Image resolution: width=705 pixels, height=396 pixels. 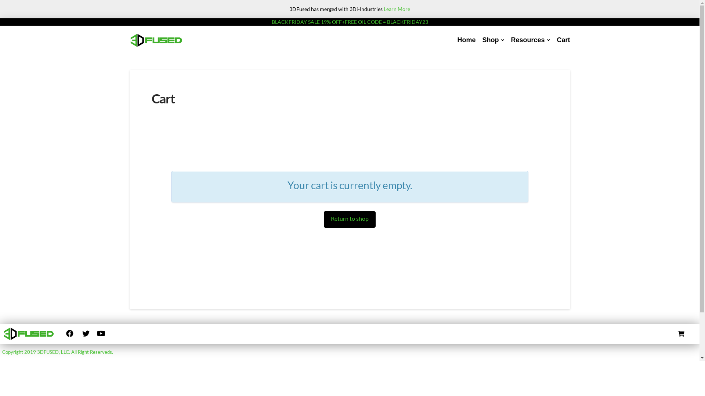 I want to click on 'Learn More', so click(x=396, y=9).